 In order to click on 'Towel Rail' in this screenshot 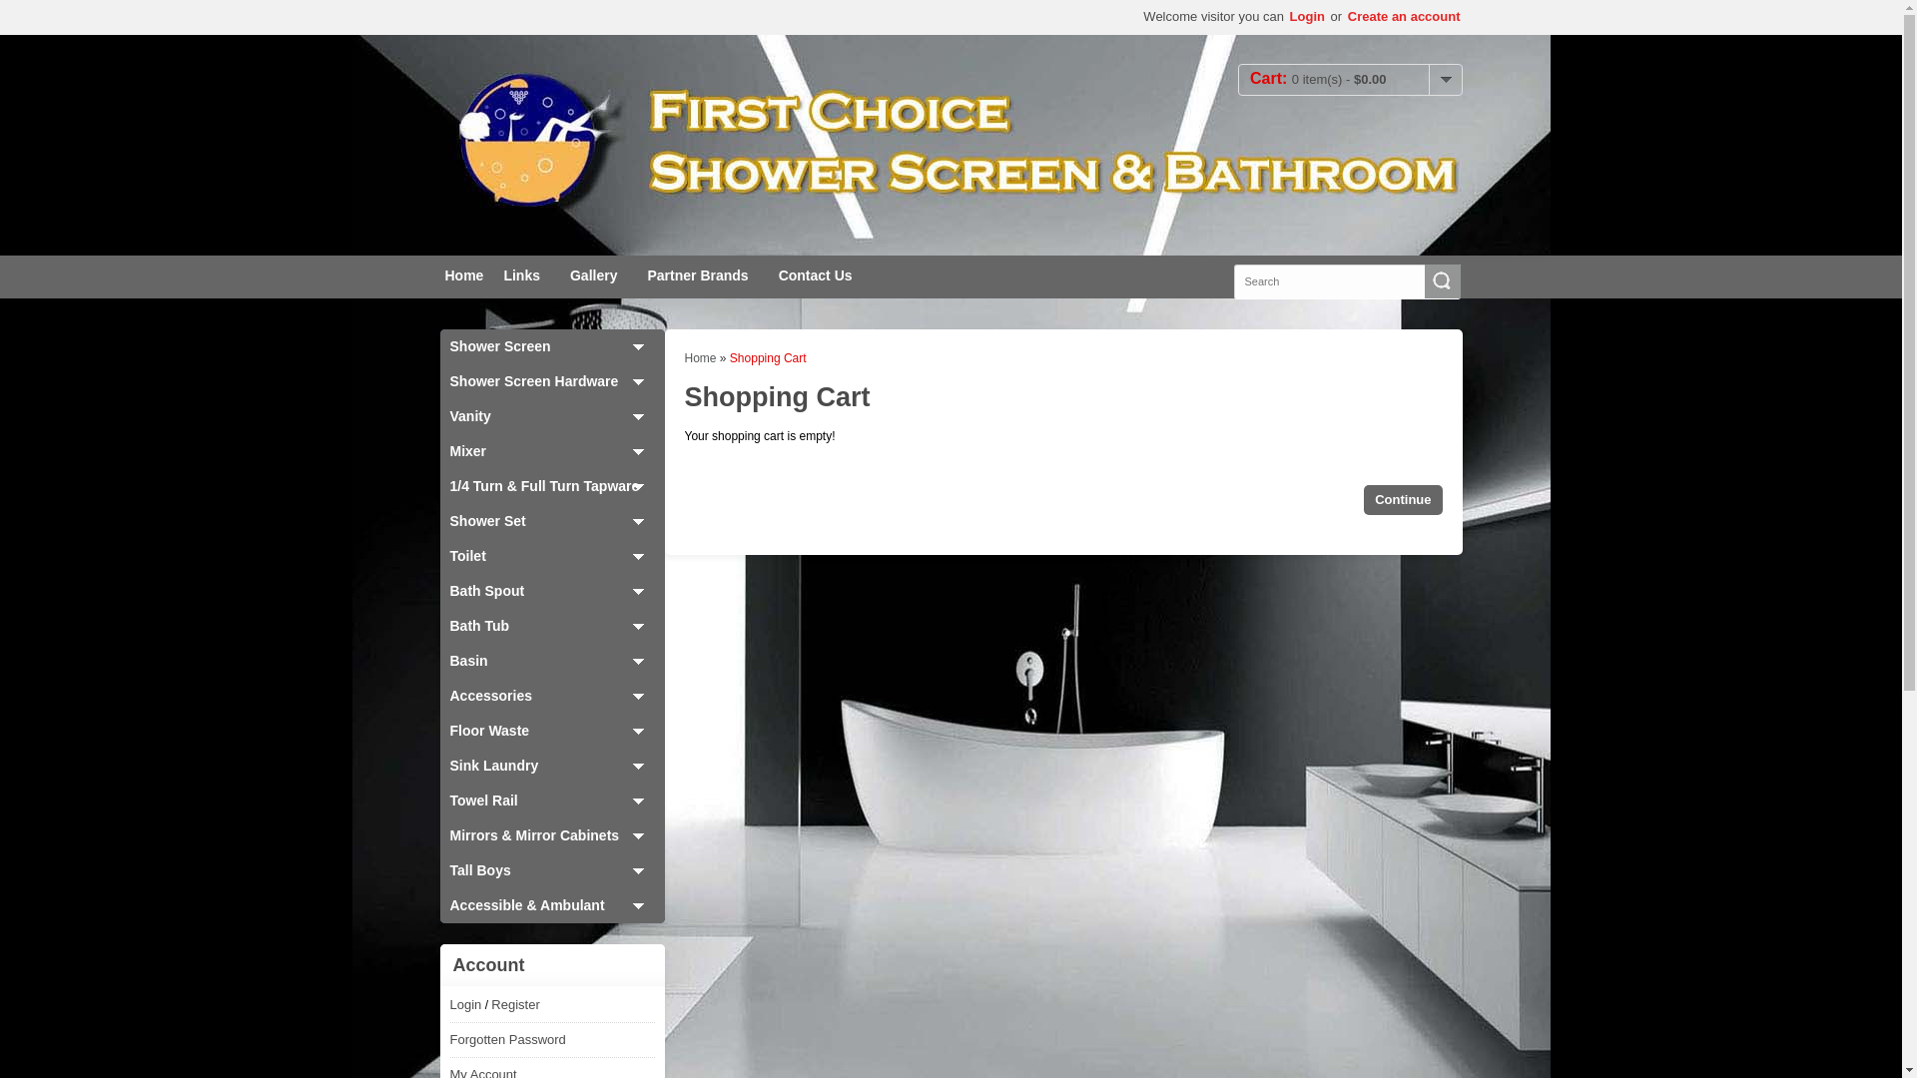, I will do `click(551, 800)`.